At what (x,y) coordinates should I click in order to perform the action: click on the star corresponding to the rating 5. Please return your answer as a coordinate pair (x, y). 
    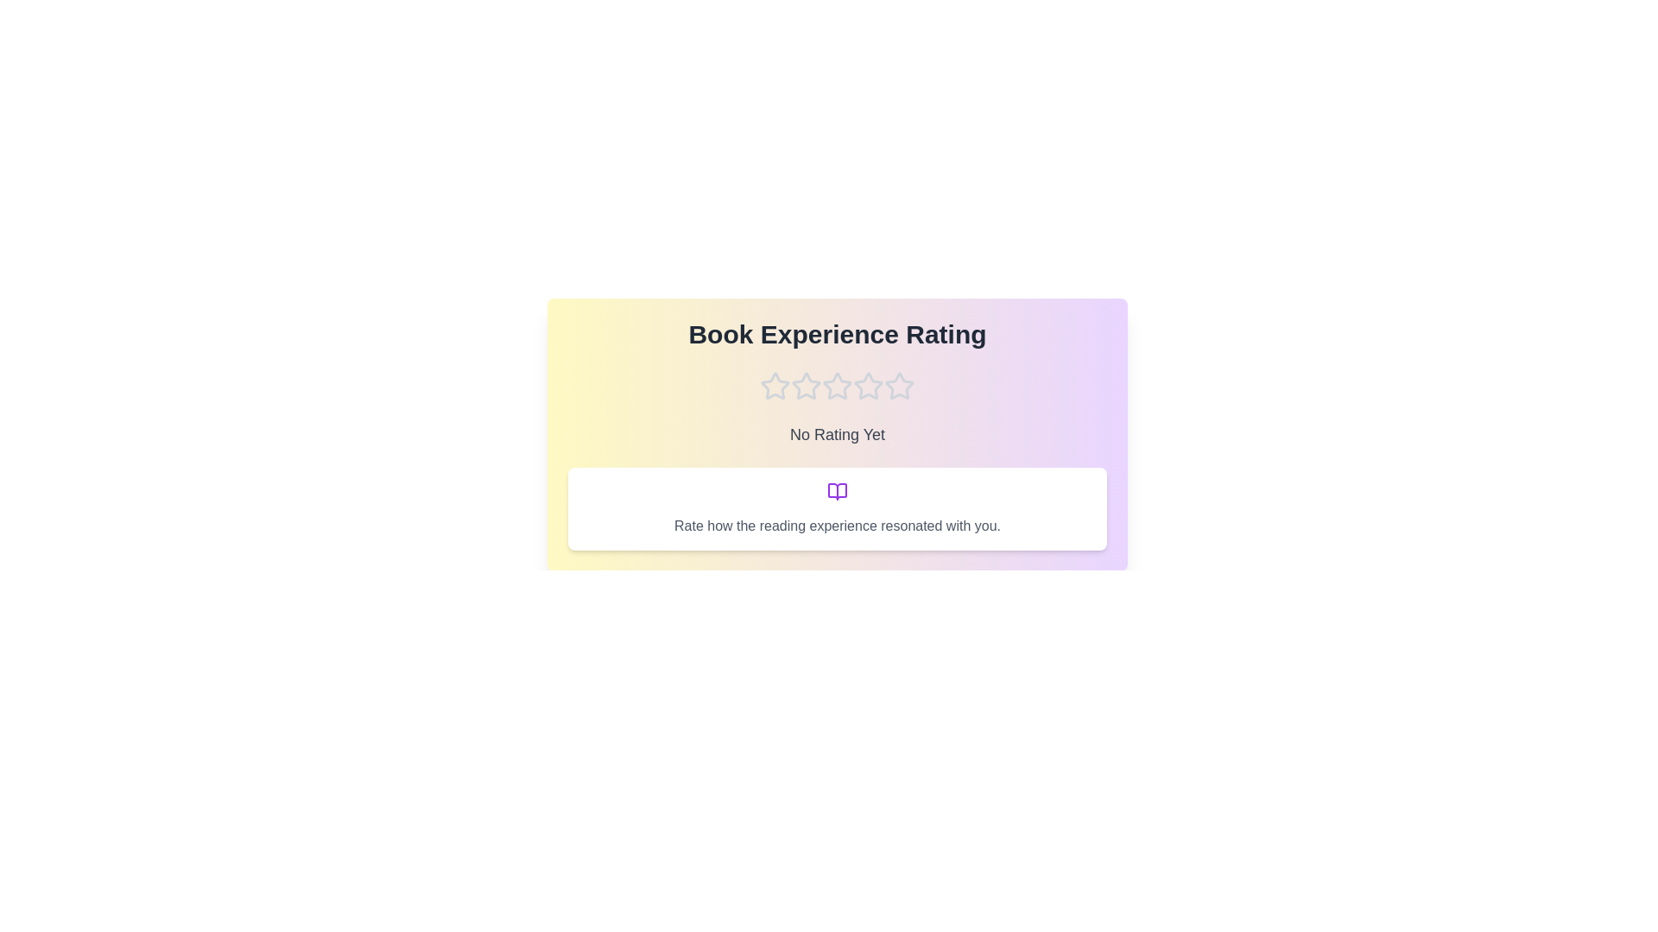
    Looking at the image, I should click on (898, 385).